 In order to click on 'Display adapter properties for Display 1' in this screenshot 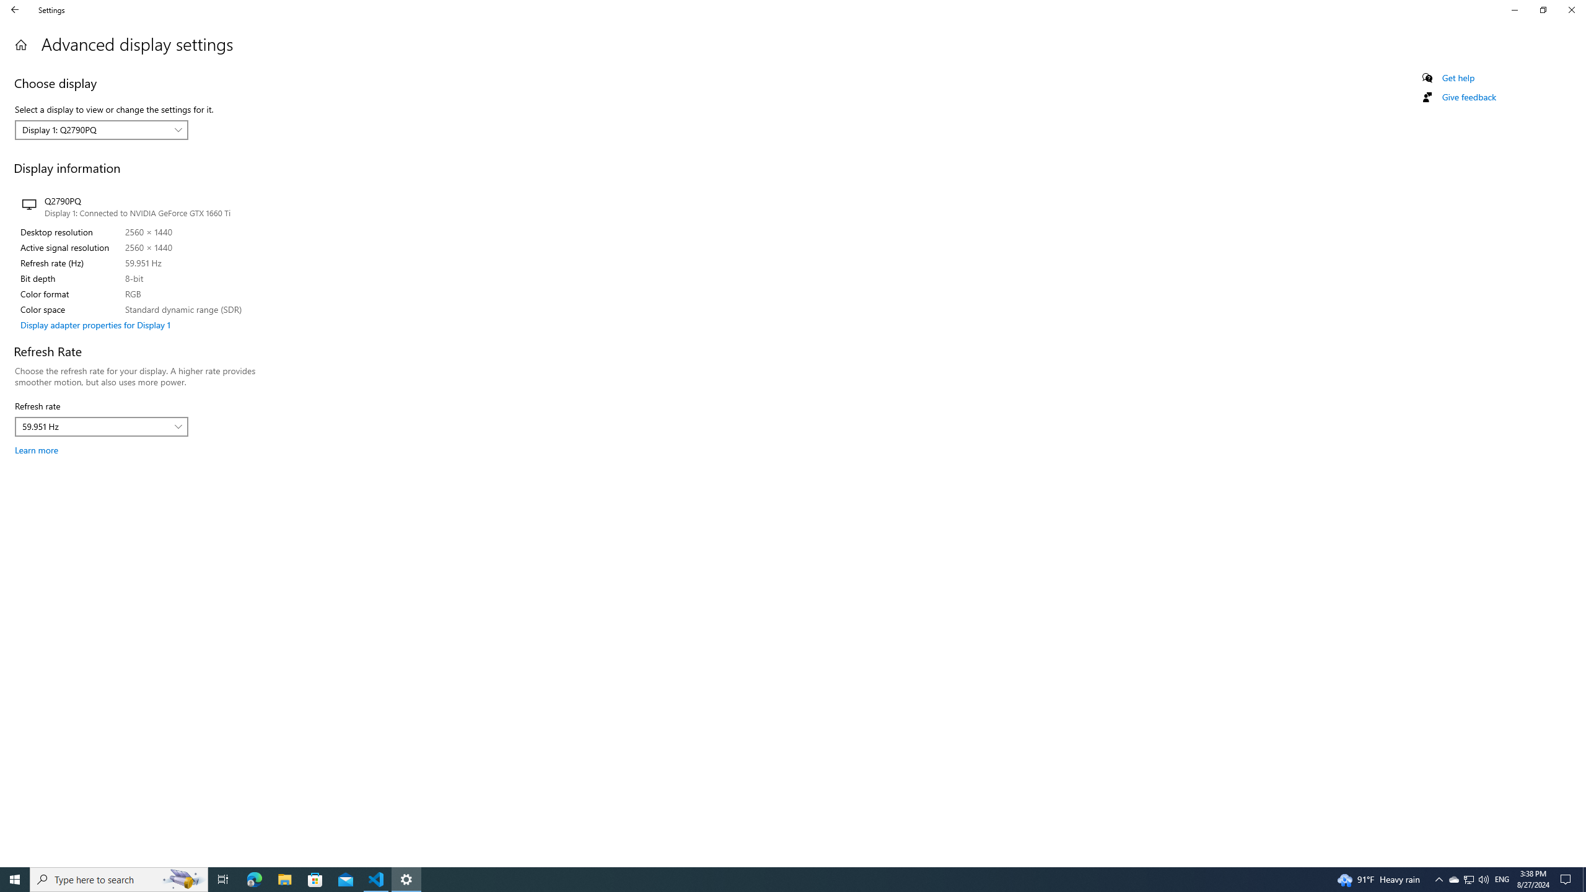, I will do `click(95, 325)`.